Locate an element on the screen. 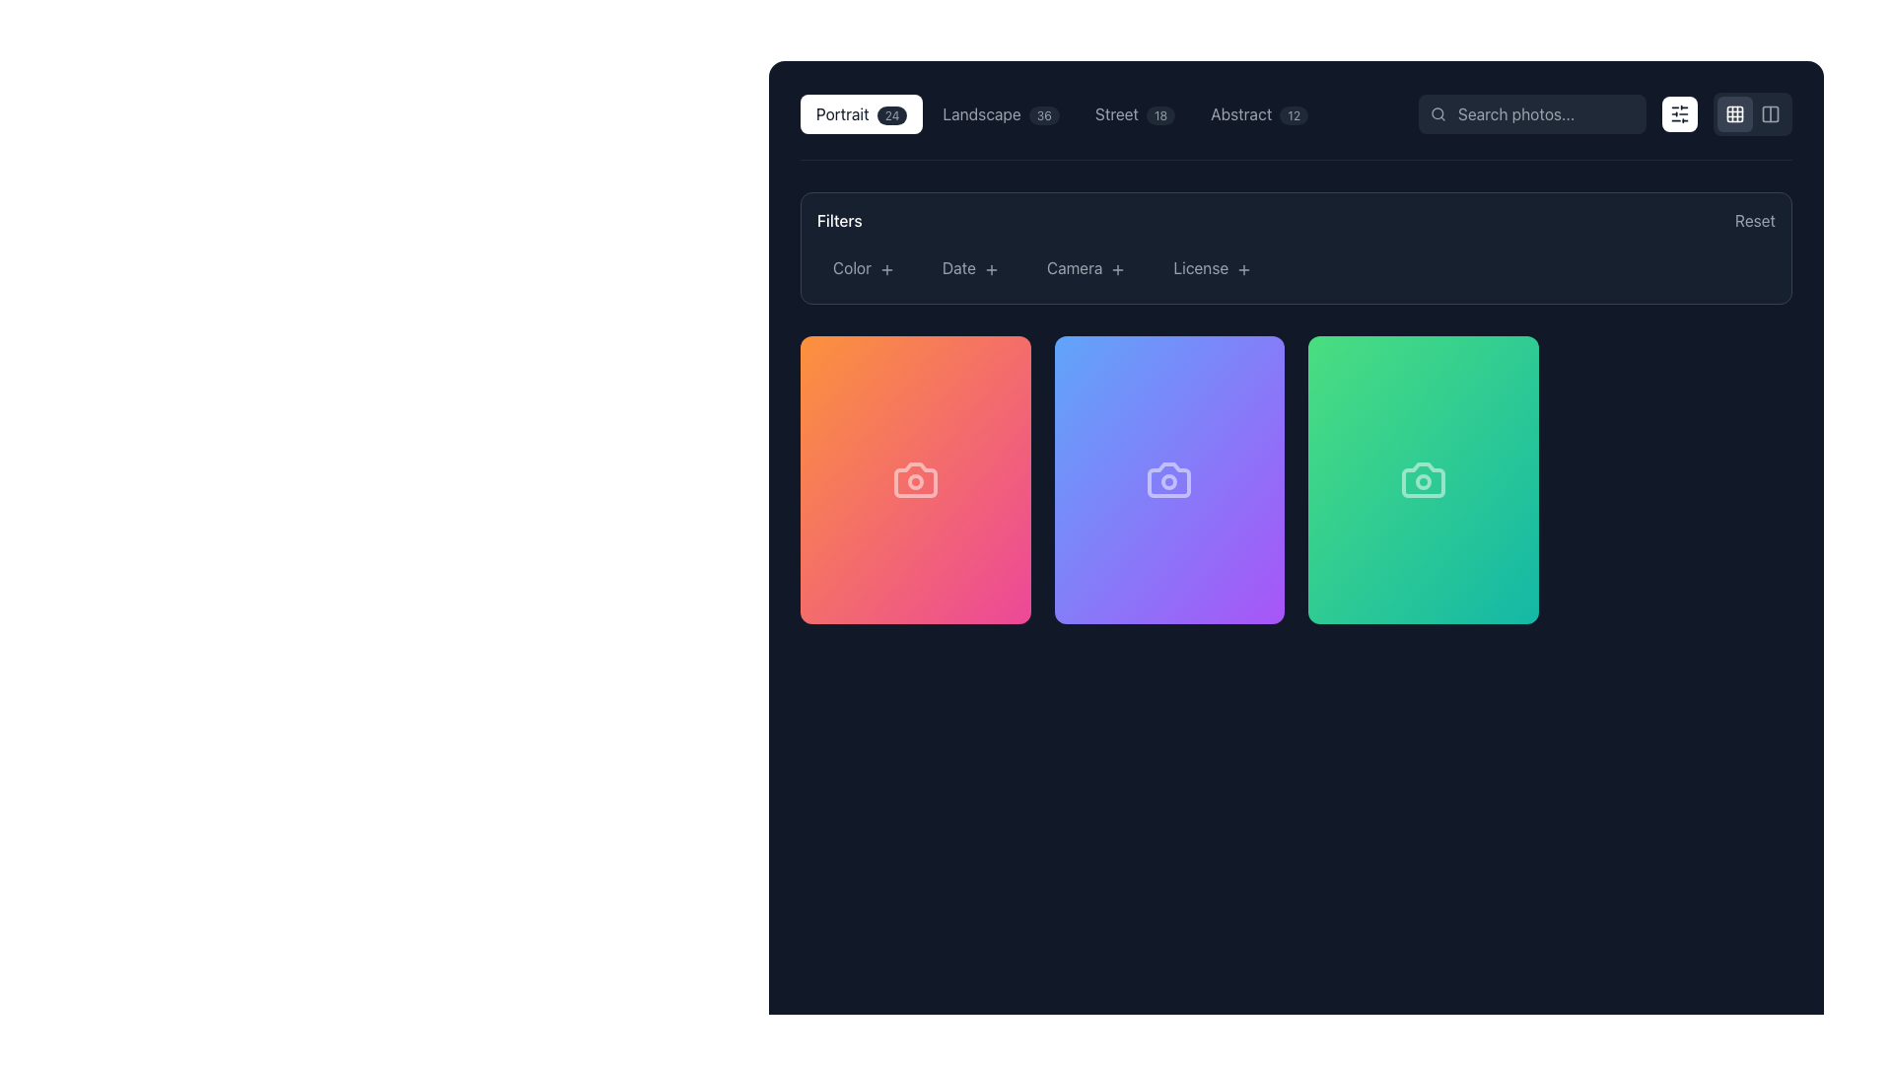 This screenshot has height=1065, width=1893. the first filter button under the 'Filters' heading to apply the color filter is located at coordinates (864, 268).